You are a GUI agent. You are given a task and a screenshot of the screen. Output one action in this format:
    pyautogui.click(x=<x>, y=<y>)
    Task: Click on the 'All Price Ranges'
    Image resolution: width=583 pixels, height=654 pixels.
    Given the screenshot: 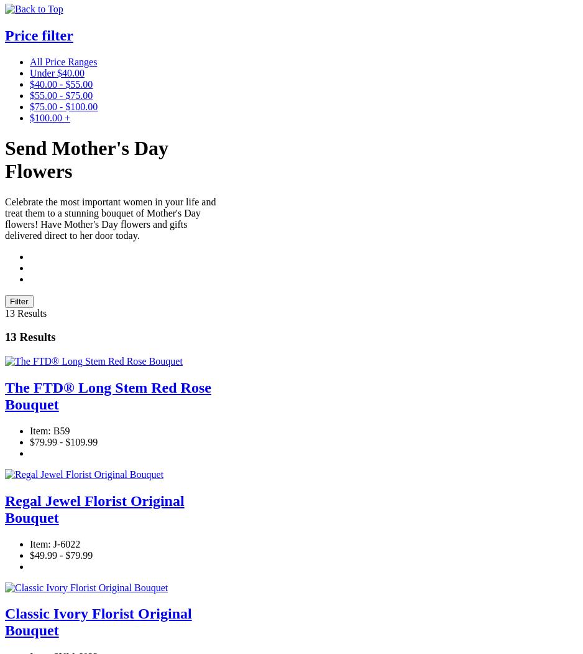 What is the action you would take?
    pyautogui.click(x=62, y=61)
    